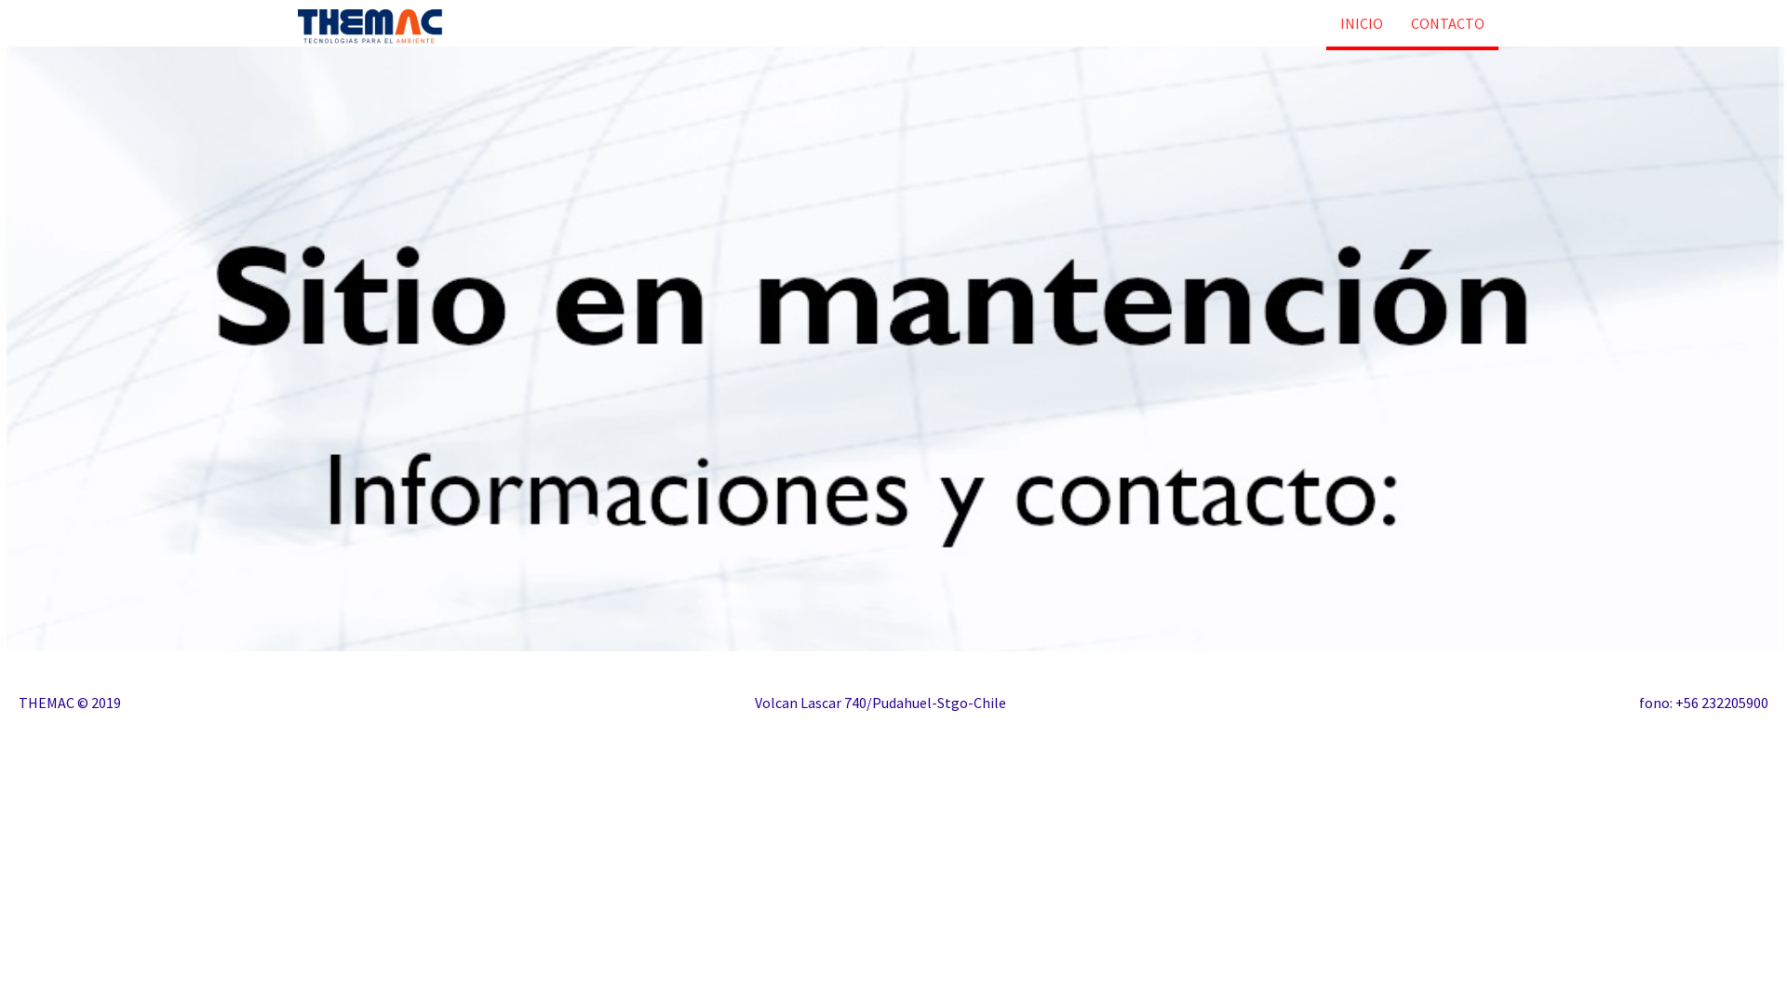 Image resolution: width=1787 pixels, height=1005 pixels. What do you see at coordinates (1446, 22) in the screenshot?
I see `'CONTACTO'` at bounding box center [1446, 22].